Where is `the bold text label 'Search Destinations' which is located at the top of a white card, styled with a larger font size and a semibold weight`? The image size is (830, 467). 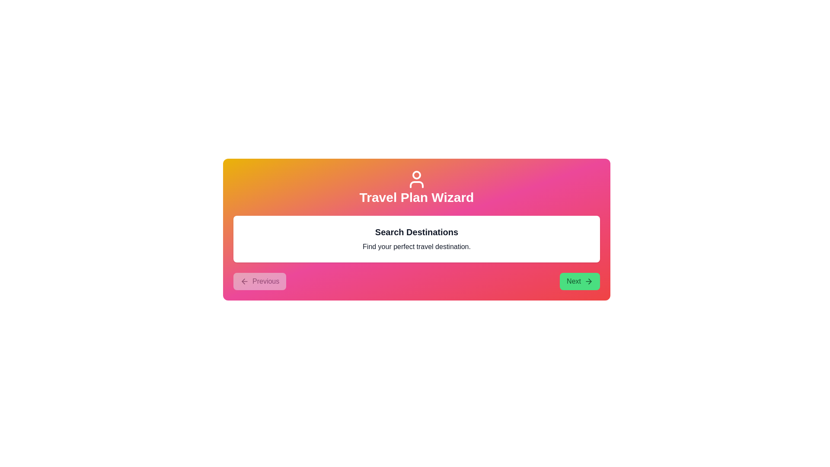 the bold text label 'Search Destinations' which is located at the top of a white card, styled with a larger font size and a semibold weight is located at coordinates (417, 231).